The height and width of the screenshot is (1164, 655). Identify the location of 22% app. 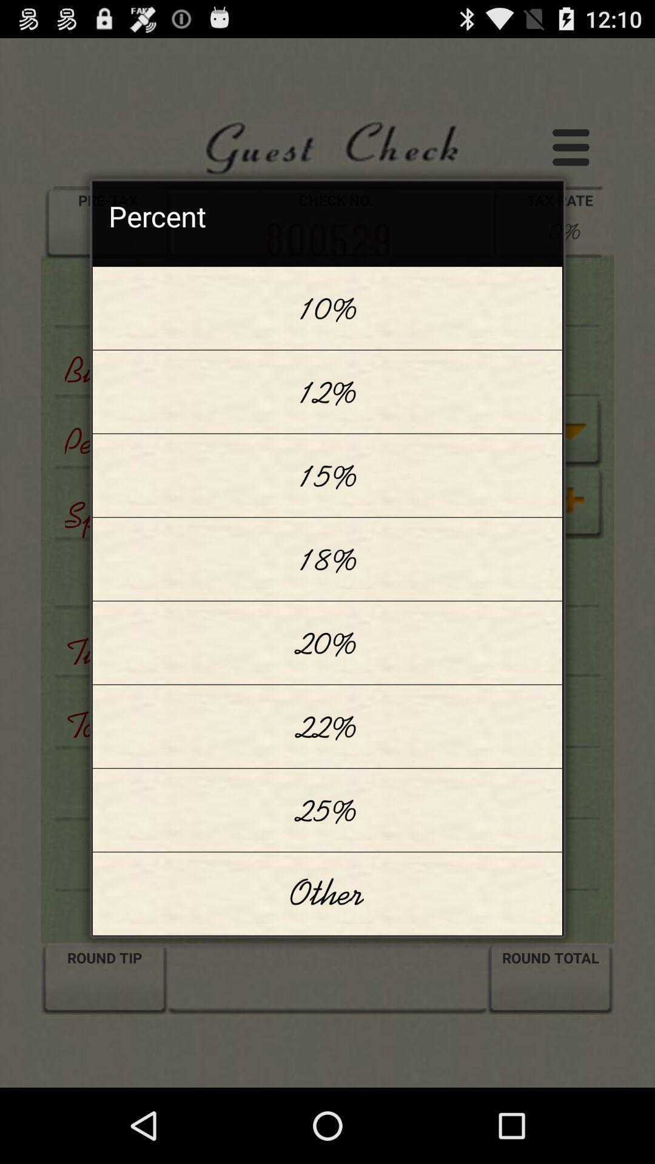
(327, 726).